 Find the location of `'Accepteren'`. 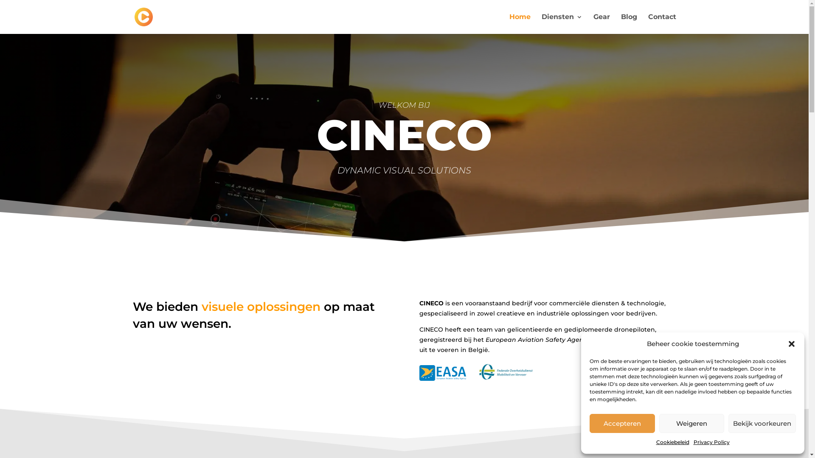

'Accepteren' is located at coordinates (622, 423).